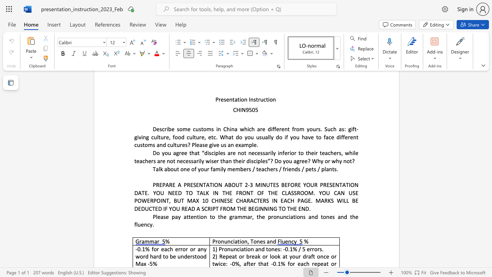 This screenshot has height=277, width=492. I want to click on the subset text "ax -5%" within the text "-0.1% for each error or any word hard to be understood Max -5%", so click(141, 263).